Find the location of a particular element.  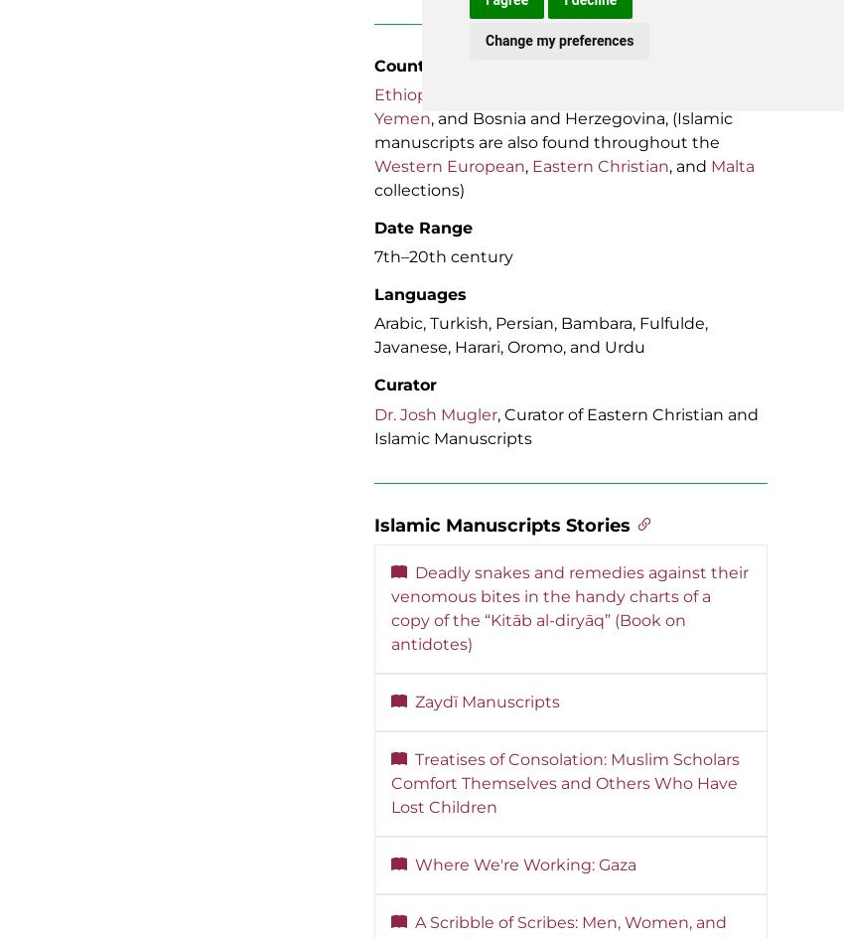

'Gaza' is located at coordinates (466, 93).